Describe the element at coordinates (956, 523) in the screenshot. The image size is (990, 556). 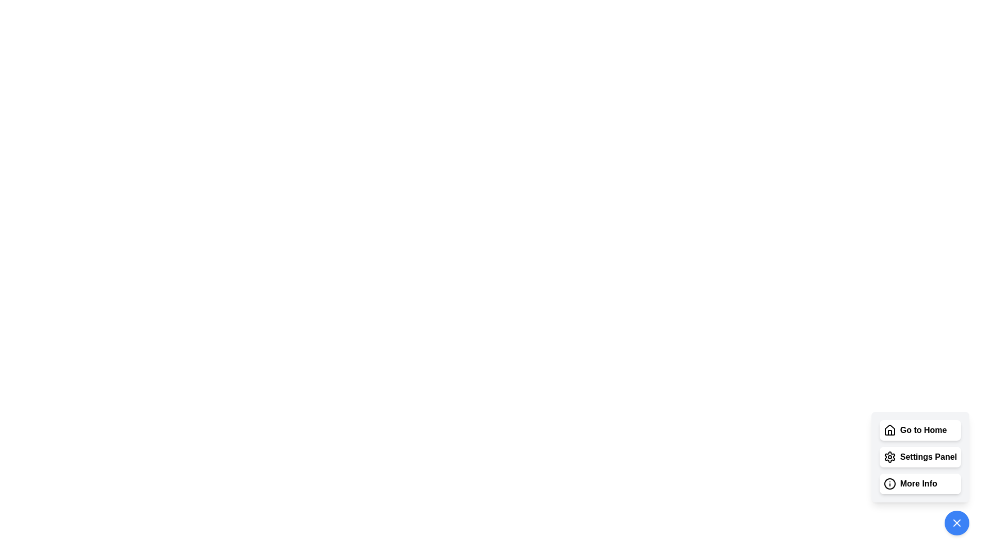
I see `the blue circular button with a white 'X' icon located at the bottom-right corner of the interface` at that location.